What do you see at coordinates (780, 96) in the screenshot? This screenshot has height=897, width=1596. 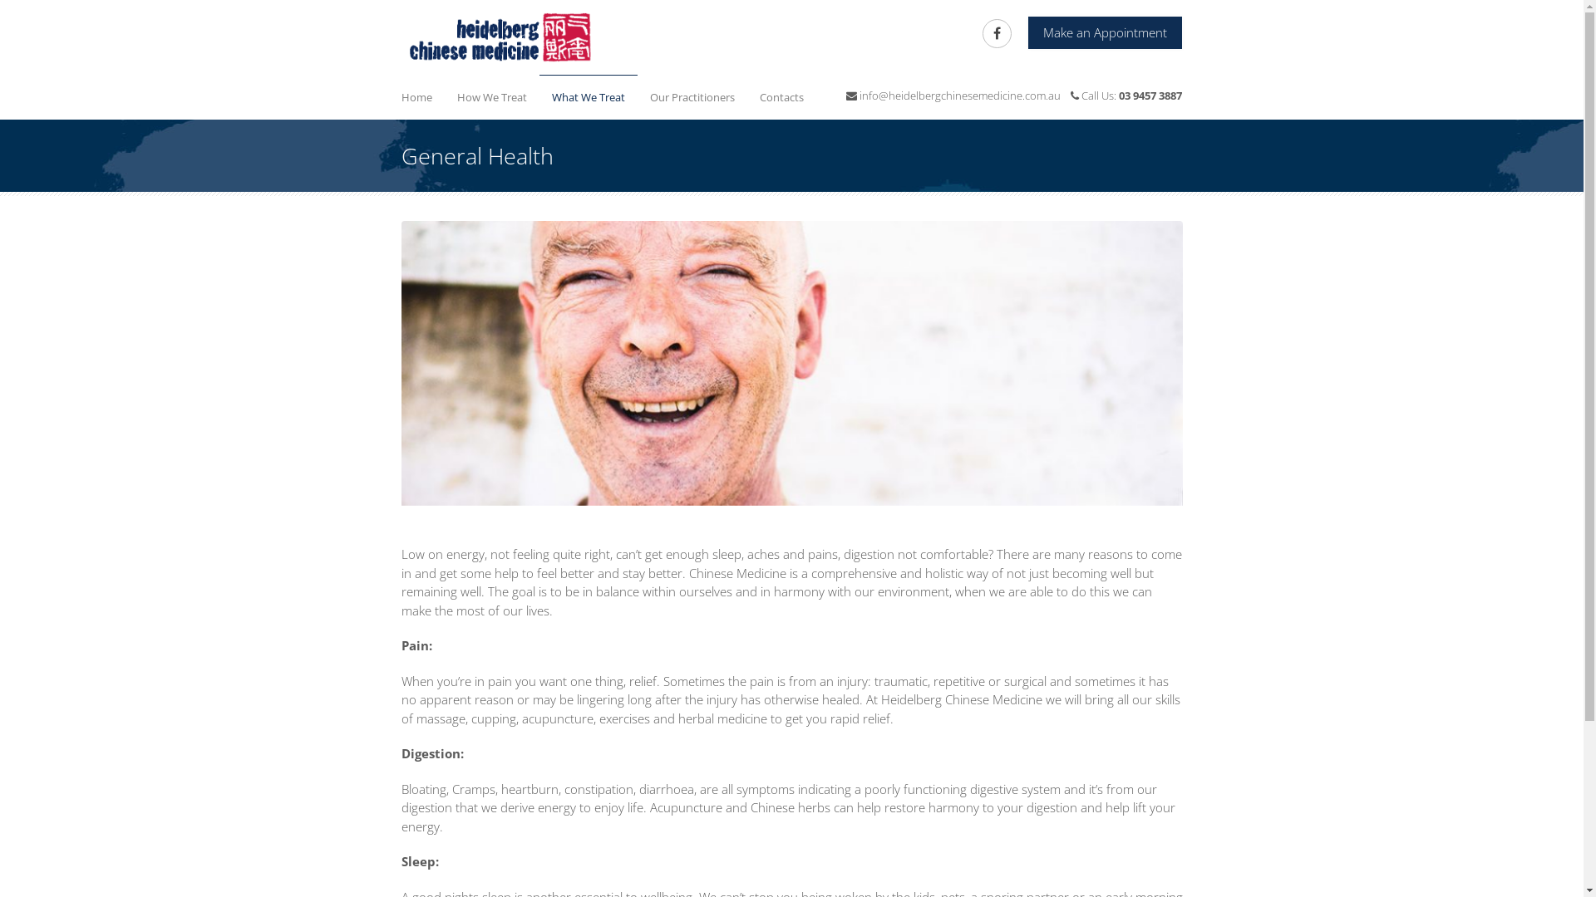 I see `'Contacts'` at bounding box center [780, 96].